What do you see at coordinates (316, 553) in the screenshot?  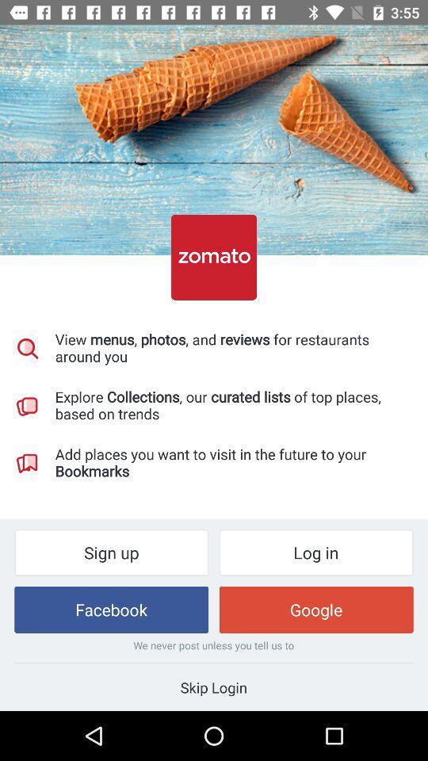 I see `item below the add places you icon` at bounding box center [316, 553].